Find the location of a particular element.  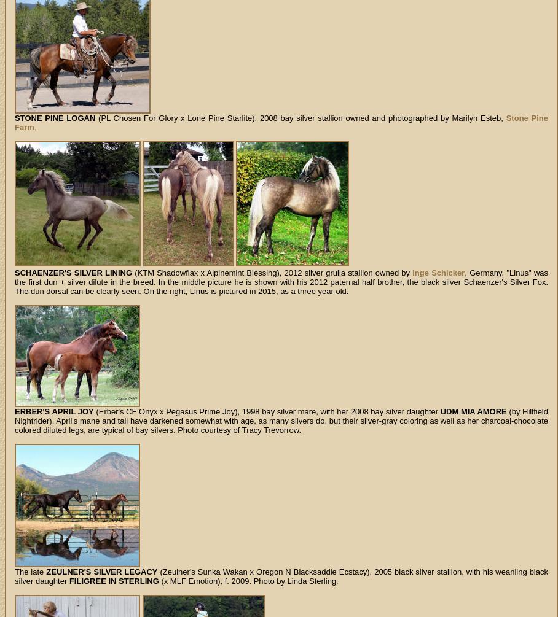

'Inge Schicker' is located at coordinates (438, 273).